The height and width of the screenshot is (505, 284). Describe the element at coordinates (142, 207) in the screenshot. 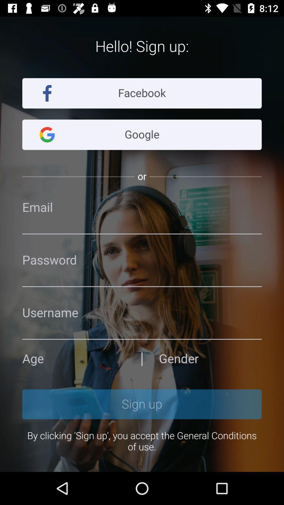

I see `email the option` at that location.